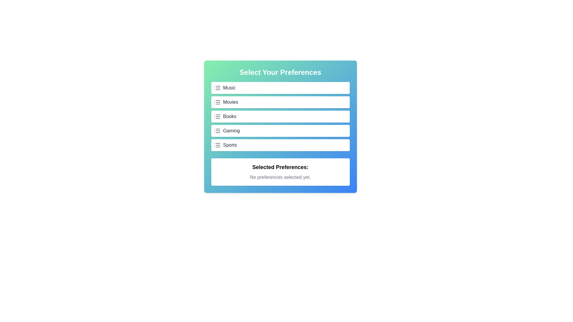  I want to click on text displayed in the 'Books' label, which is styled in gray and located next to a list icon in the third row of preference options, so click(229, 116).